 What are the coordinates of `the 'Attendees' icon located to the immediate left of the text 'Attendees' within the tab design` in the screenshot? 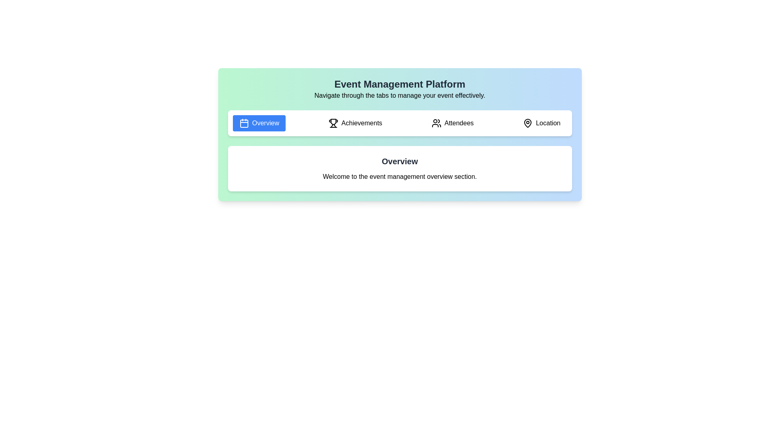 It's located at (436, 123).